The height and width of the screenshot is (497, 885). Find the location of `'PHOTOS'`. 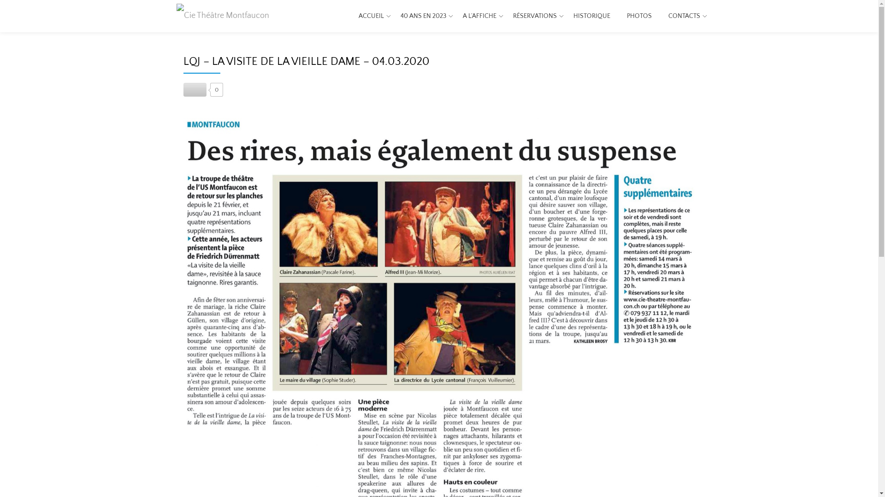

'PHOTOS' is located at coordinates (639, 16).